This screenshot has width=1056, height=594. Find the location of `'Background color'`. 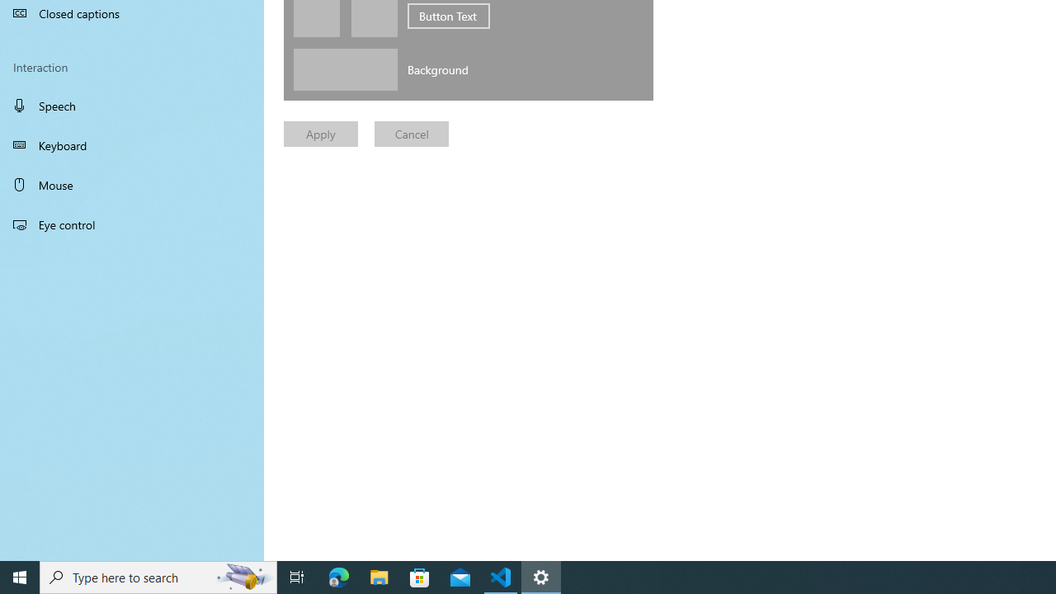

'Background color' is located at coordinates (344, 68).